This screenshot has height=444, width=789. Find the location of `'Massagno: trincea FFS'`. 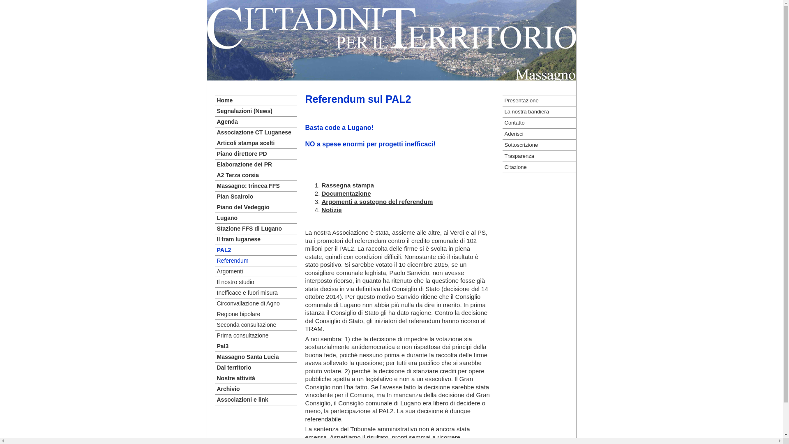

'Massagno: trincea FFS' is located at coordinates (215, 186).